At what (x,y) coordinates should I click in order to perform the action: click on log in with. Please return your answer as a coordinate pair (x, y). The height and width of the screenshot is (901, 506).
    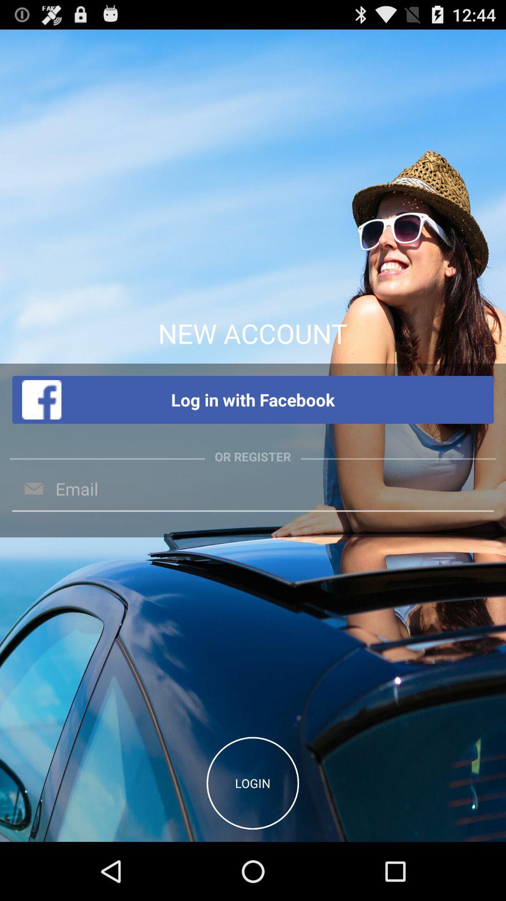
    Looking at the image, I should click on (253, 400).